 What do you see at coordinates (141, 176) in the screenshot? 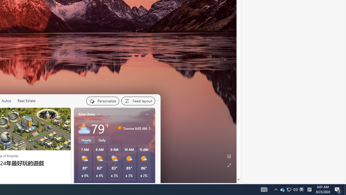
I see `'Class: weather-current-precipitation-glyph'` at bounding box center [141, 176].